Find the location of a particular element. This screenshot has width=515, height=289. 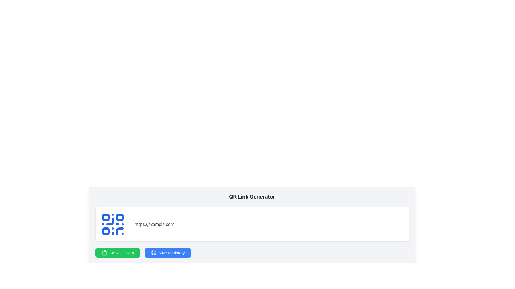

the save action icon located to the left of the 'Save to History' button in the lower right section of the interface is located at coordinates (153, 253).